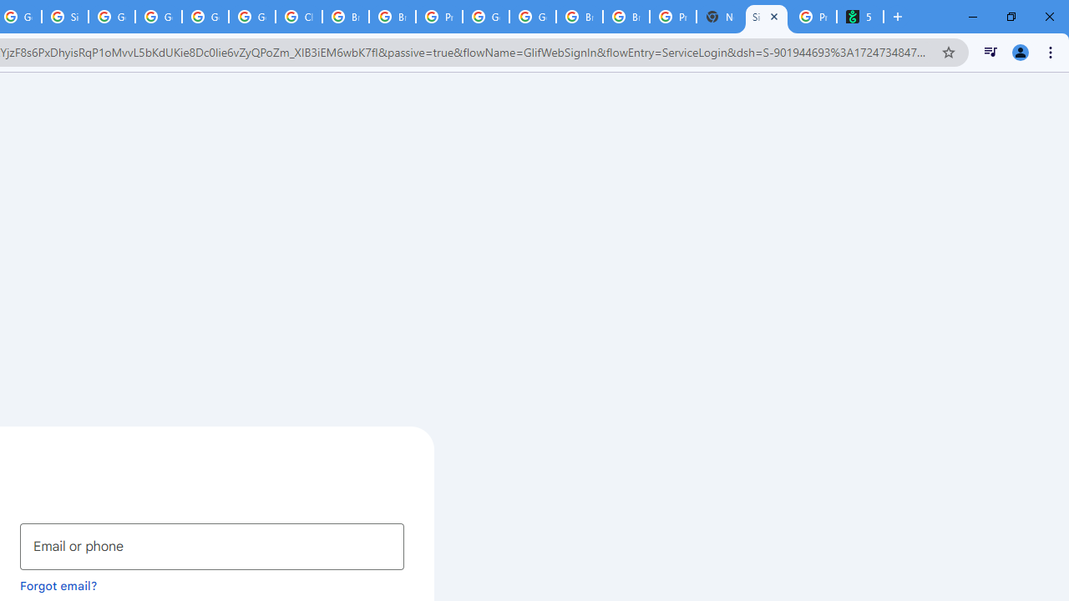 Image resolution: width=1069 pixels, height=601 pixels. What do you see at coordinates (485, 17) in the screenshot?
I see `'Google Cloud Platform'` at bounding box center [485, 17].